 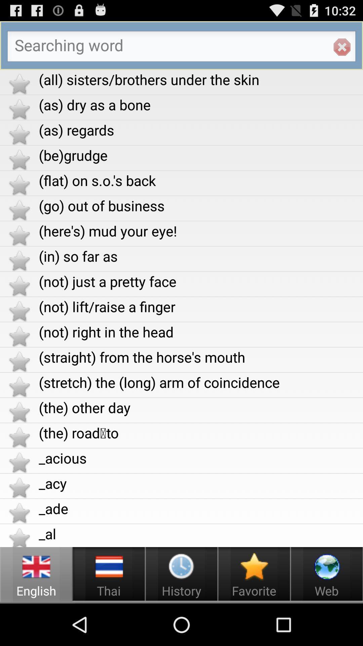 What do you see at coordinates (200, 205) in the screenshot?
I see `the go out of app` at bounding box center [200, 205].